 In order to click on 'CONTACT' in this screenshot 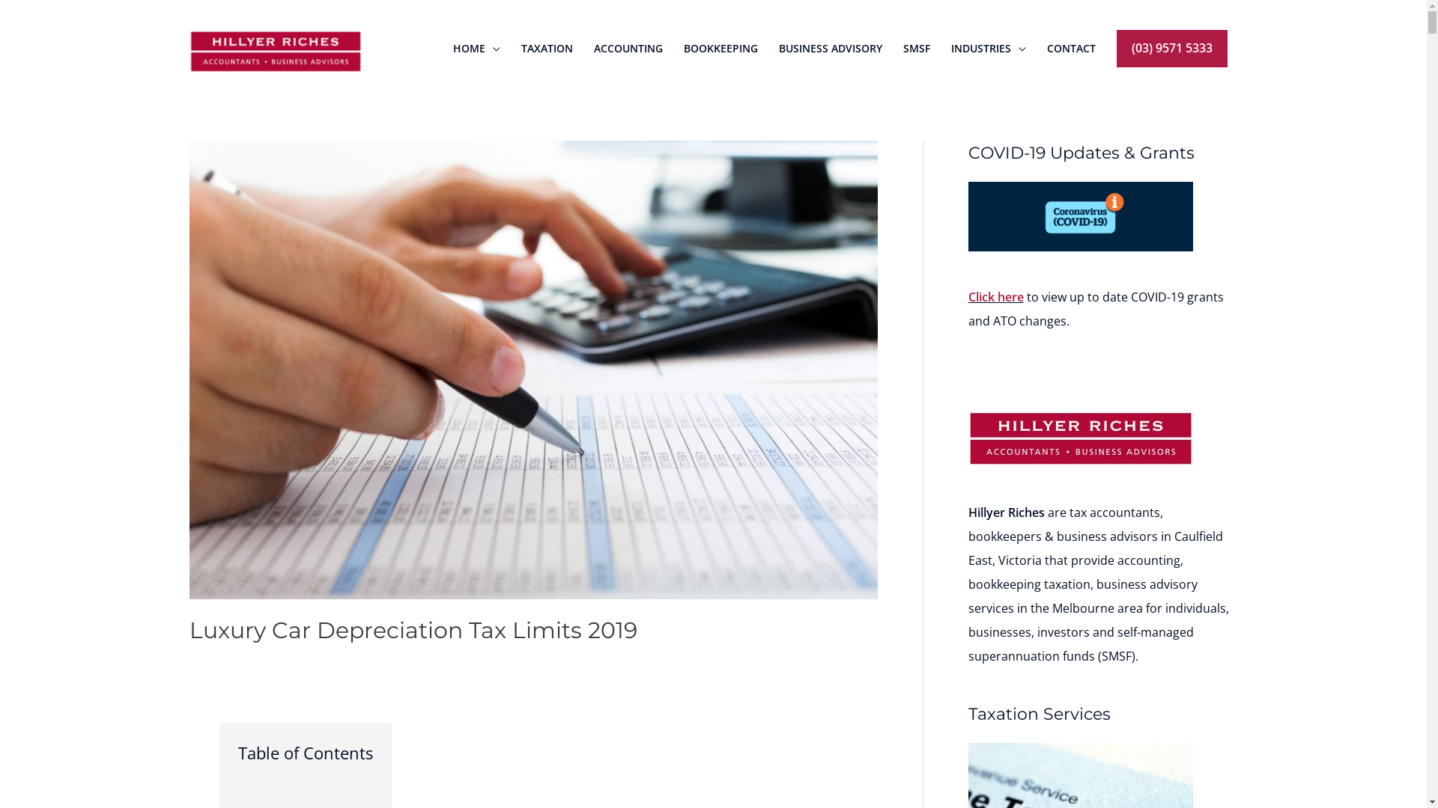, I will do `click(1070, 48)`.